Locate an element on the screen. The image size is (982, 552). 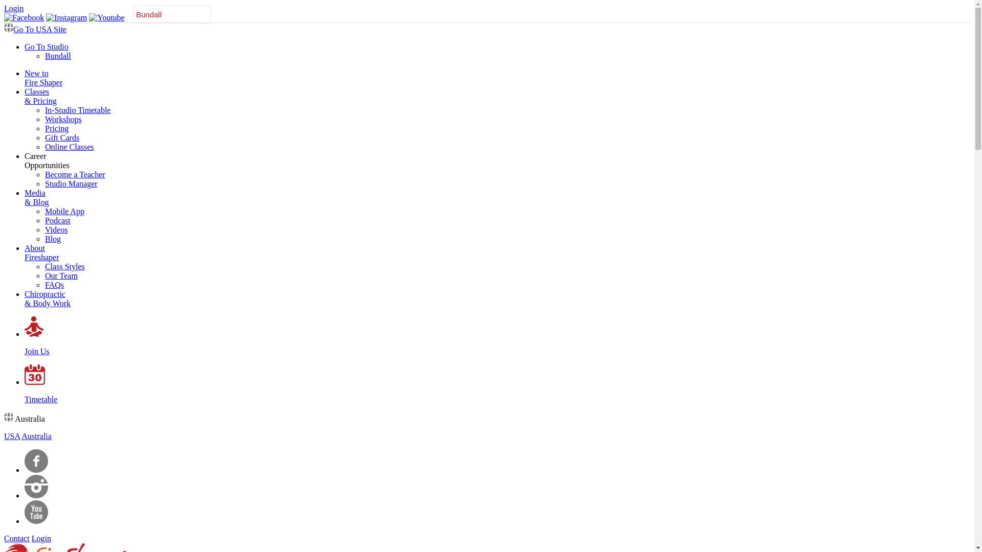
'Podcast' is located at coordinates (57, 220).